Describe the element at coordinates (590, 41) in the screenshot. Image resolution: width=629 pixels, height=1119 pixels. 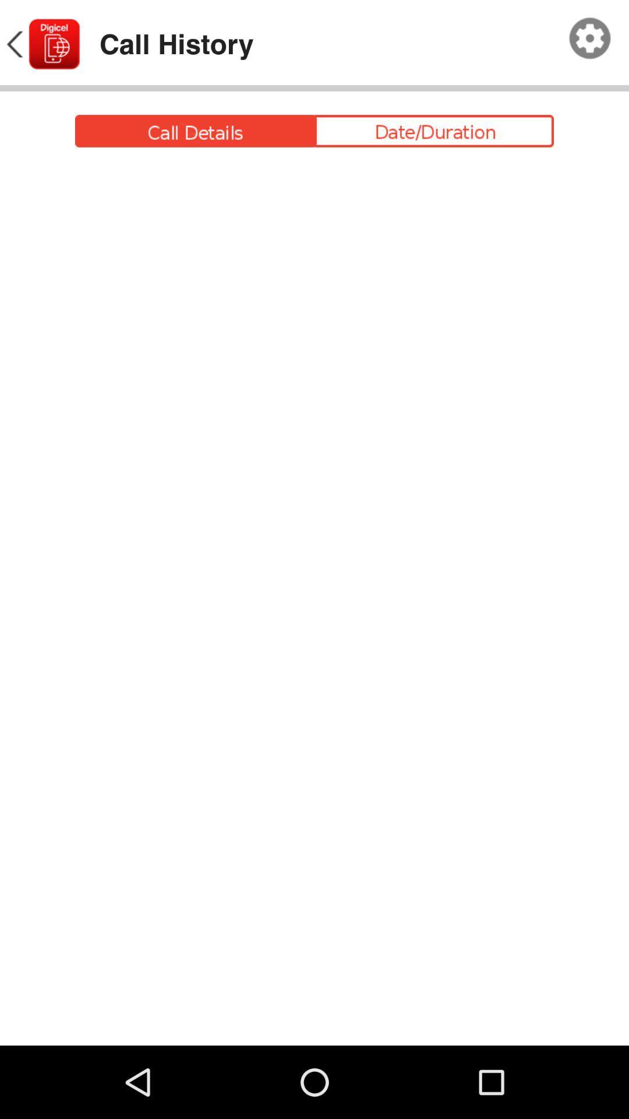
I see `the settings icon` at that location.